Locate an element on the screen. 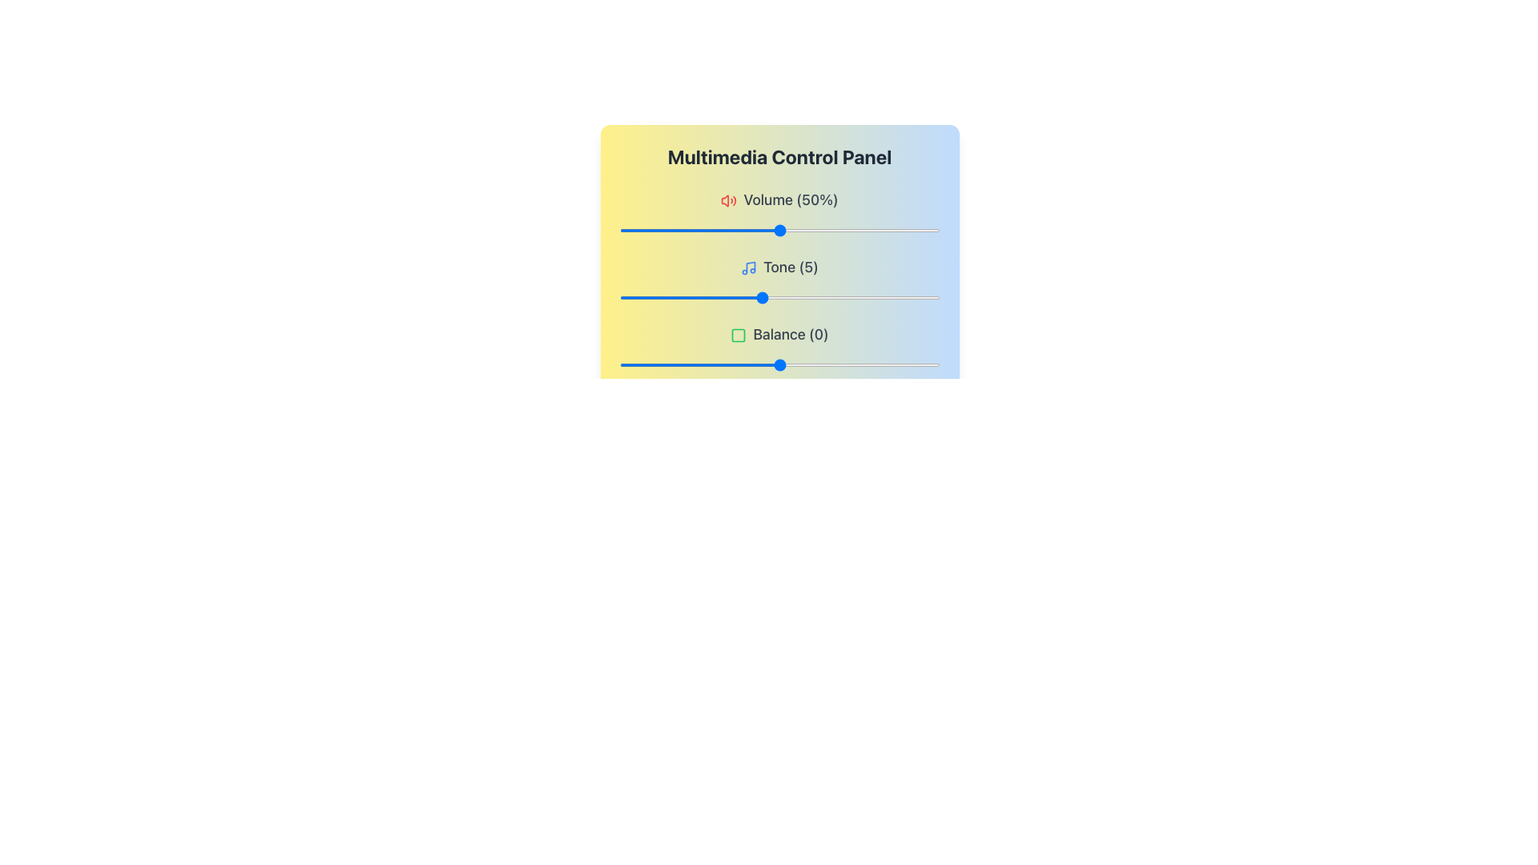  the Text Label that indicates the balance setting value, which currently shows '0'. This label is the third in a list of controls, located below the 'Tone' label and above a slider bar is located at coordinates (779, 333).